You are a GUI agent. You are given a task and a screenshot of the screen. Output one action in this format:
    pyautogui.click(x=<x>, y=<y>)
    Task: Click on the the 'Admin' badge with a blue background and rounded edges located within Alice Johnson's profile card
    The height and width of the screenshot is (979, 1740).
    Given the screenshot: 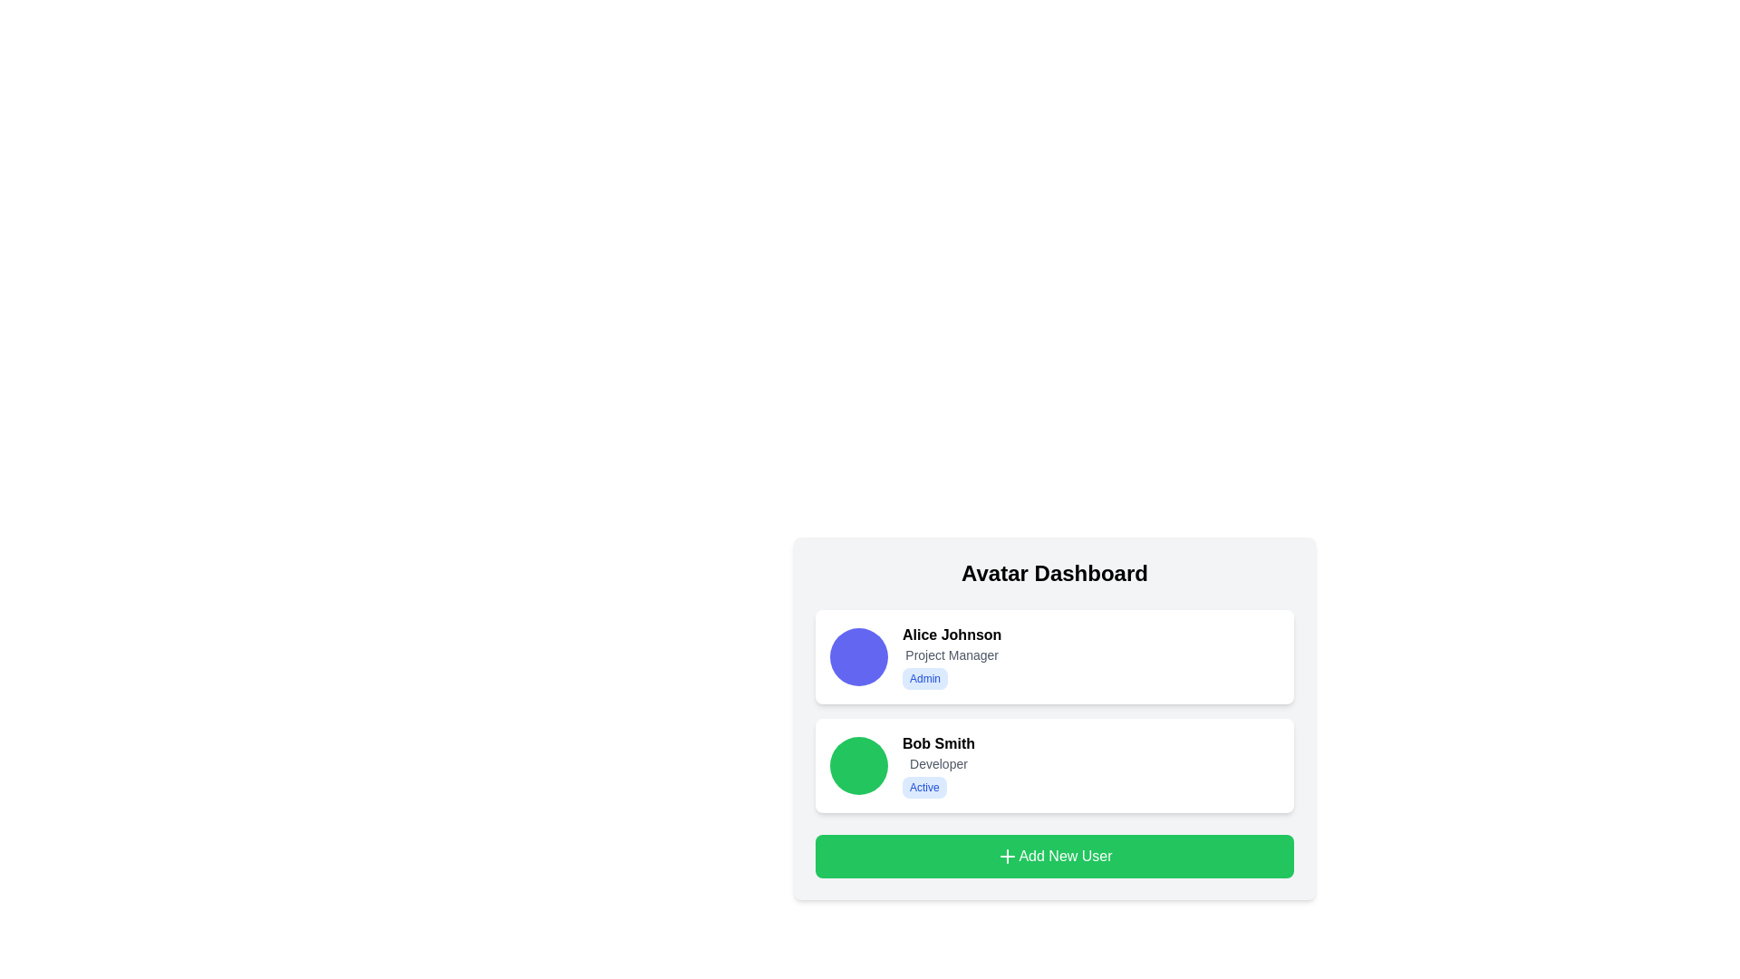 What is the action you would take?
    pyautogui.click(x=951, y=678)
    